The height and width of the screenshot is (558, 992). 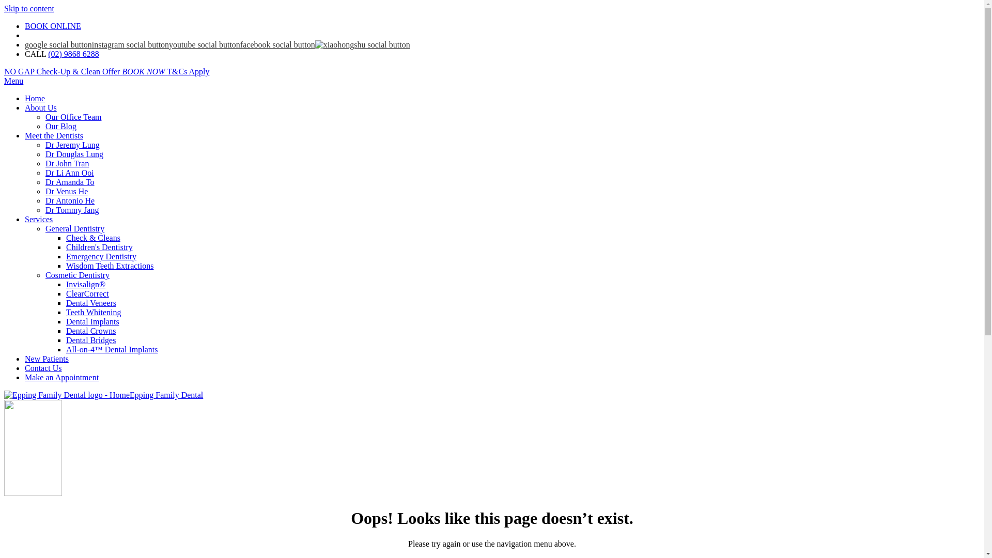 What do you see at coordinates (72, 145) in the screenshot?
I see `'Dr Jeremy Lung'` at bounding box center [72, 145].